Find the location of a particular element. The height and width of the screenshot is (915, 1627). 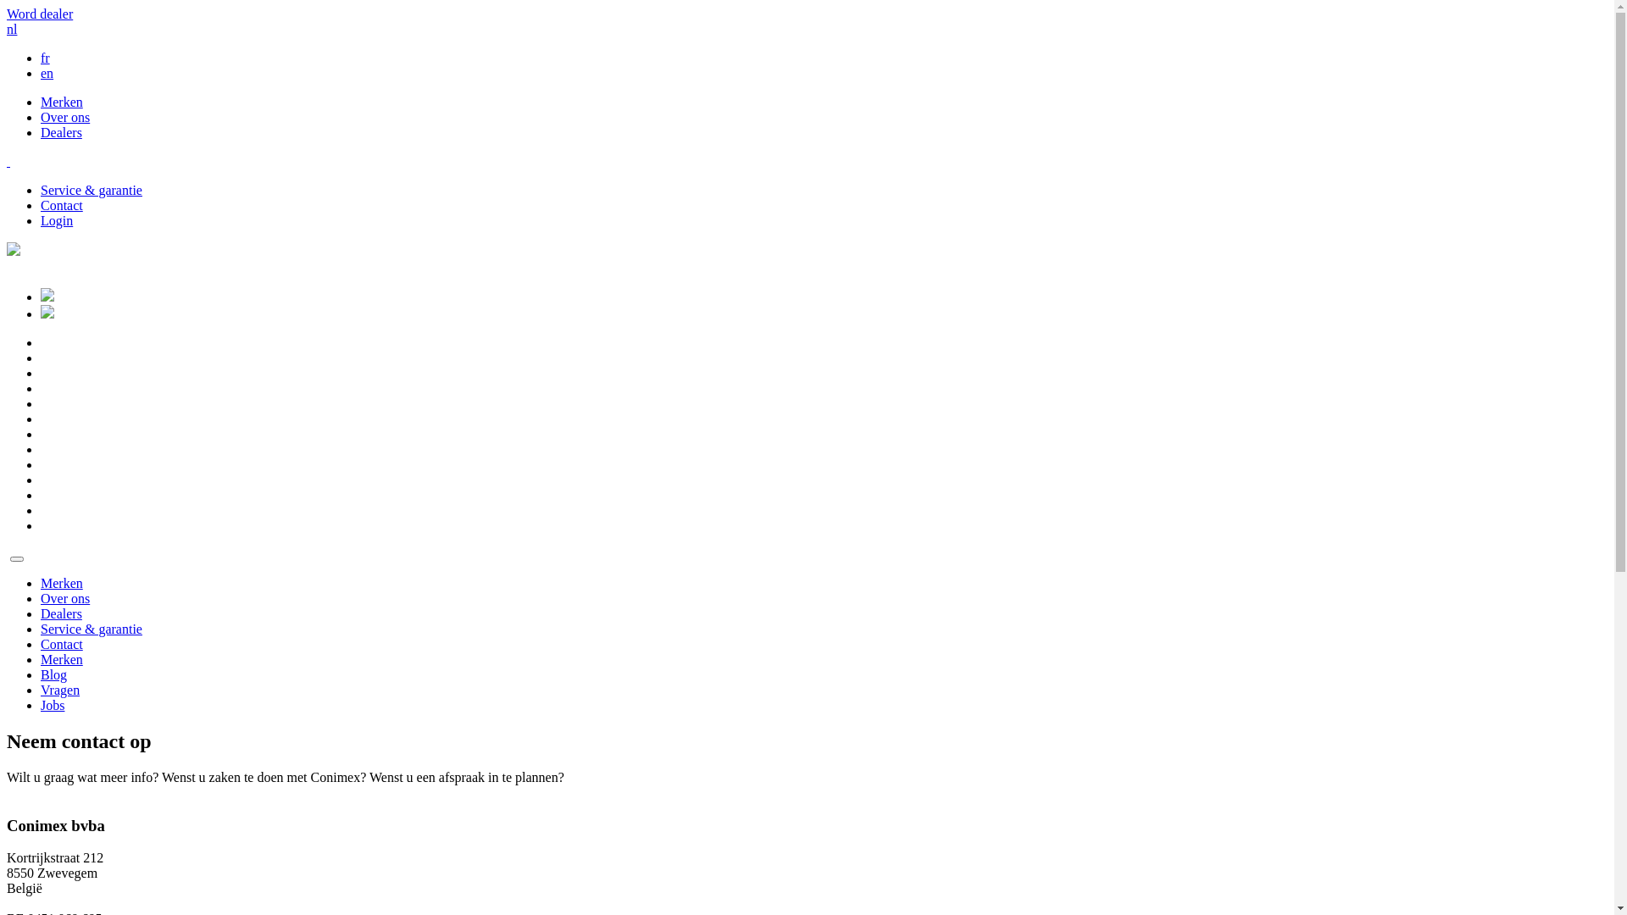

'Word dealer' is located at coordinates (40, 14).